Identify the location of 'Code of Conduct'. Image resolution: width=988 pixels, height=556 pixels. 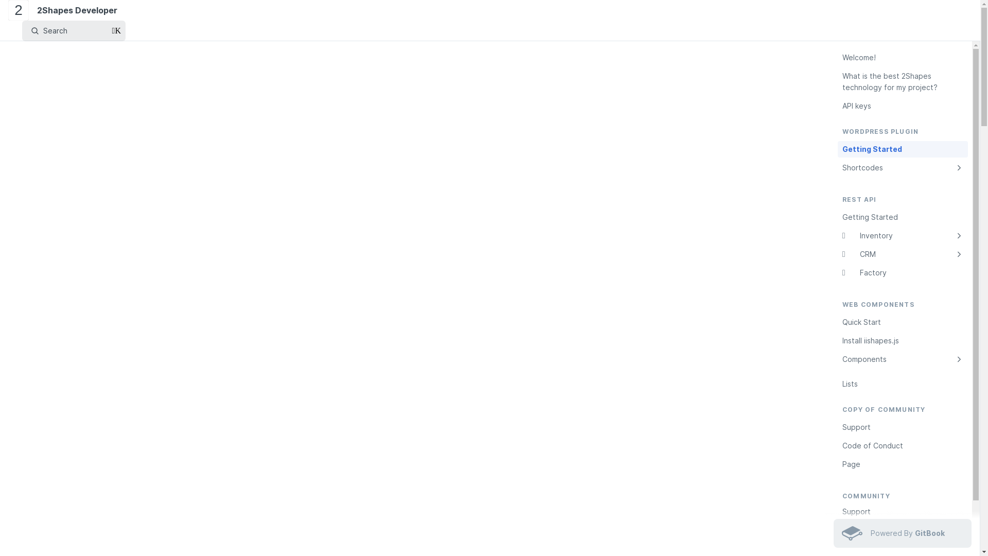
(902, 445).